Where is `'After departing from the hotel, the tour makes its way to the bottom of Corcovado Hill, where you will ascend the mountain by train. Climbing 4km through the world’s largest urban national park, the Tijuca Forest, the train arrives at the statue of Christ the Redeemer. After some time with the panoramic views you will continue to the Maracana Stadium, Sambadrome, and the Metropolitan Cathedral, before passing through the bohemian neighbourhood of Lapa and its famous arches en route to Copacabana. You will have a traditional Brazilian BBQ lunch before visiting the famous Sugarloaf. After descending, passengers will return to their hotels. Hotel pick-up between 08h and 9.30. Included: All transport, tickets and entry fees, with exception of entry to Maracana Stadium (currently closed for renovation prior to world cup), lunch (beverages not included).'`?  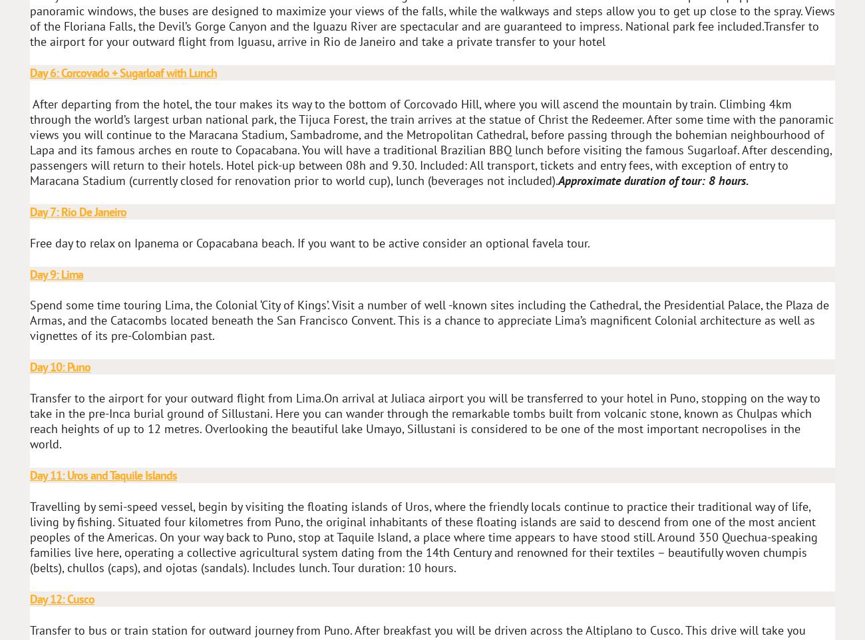
'After departing from the hotel, the tour makes its way to the bottom of Corcovado Hill, where you will ascend the mountain by train. Climbing 4km through the world’s largest urban national park, the Tijuca Forest, the train arrives at the statue of Christ the Redeemer. After some time with the panoramic views you will continue to the Maracana Stadium, Sambadrome, and the Metropolitan Cathedral, before passing through the bohemian neighbourhood of Lapa and its famous arches en route to Copacabana. You will have a traditional Brazilian BBQ lunch before visiting the famous Sugarloaf. After descending, passengers will return to their hotels. Hotel pick-up between 08h and 9.30. Included: All transport, tickets and entry fees, with exception of entry to Maracana Stadium (currently closed for renovation prior to world cup), lunch (beverages not included).' is located at coordinates (431, 140).